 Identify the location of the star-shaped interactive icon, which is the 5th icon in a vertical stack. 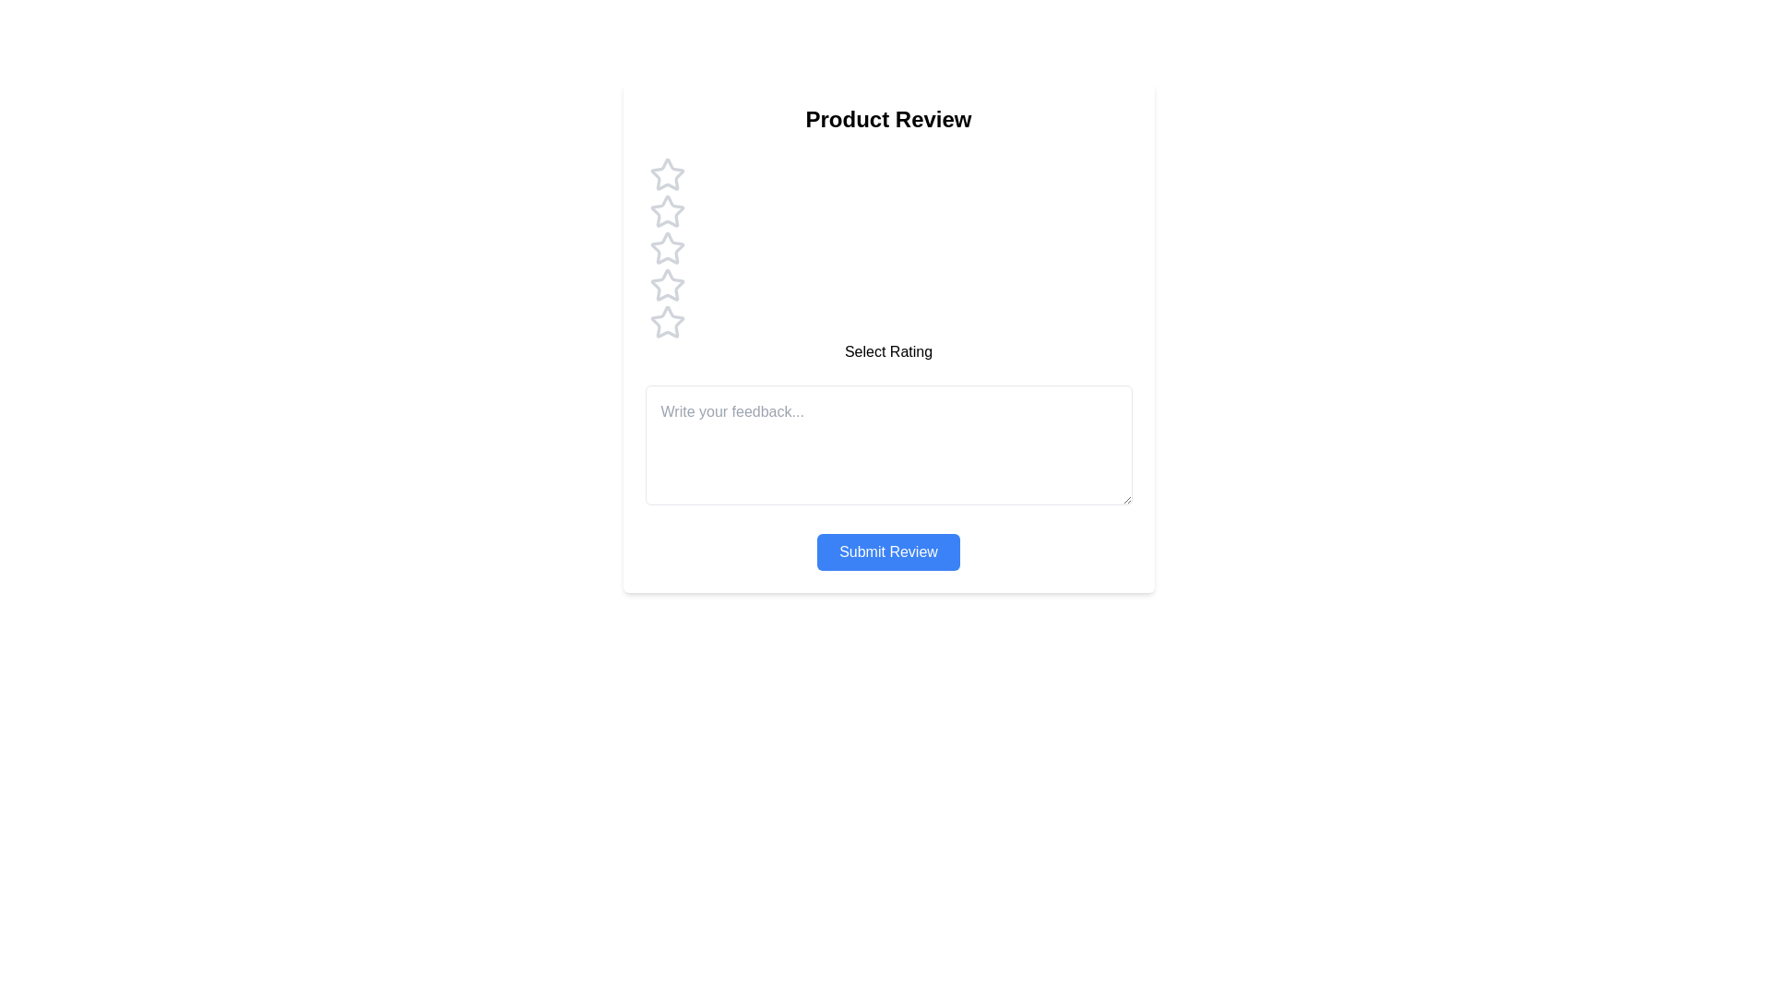
(666, 322).